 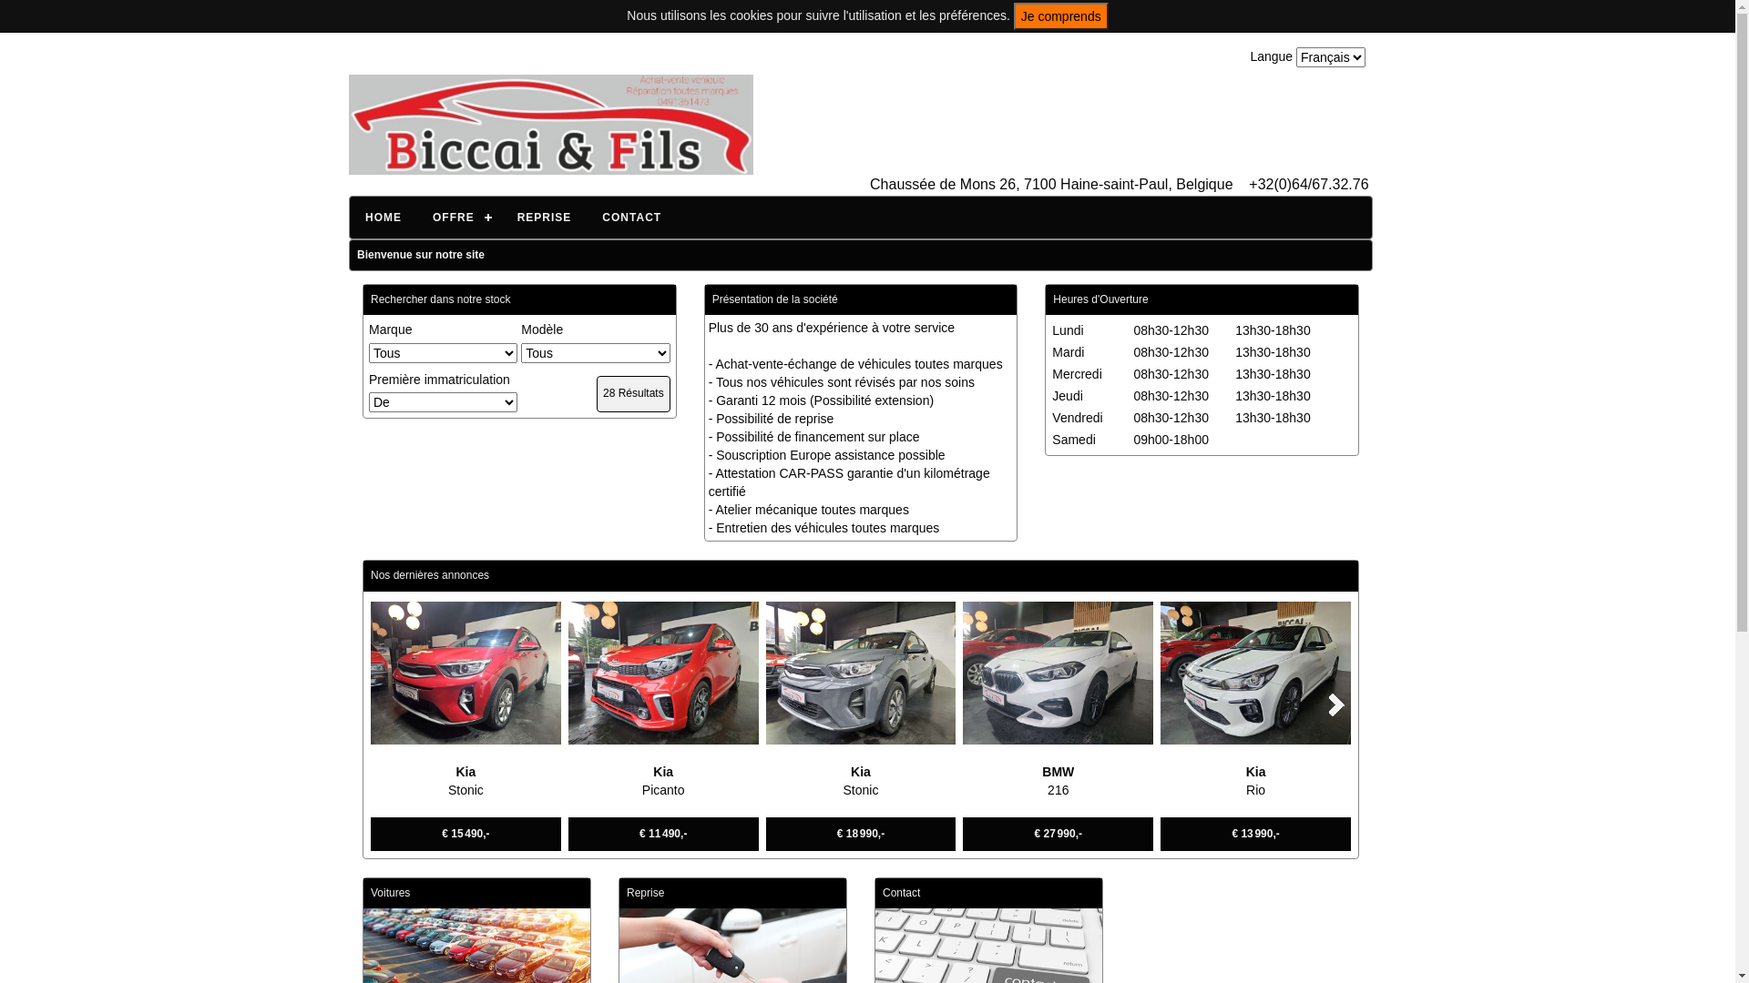 What do you see at coordinates (1061, 16) in the screenshot?
I see `'Je comprends'` at bounding box center [1061, 16].